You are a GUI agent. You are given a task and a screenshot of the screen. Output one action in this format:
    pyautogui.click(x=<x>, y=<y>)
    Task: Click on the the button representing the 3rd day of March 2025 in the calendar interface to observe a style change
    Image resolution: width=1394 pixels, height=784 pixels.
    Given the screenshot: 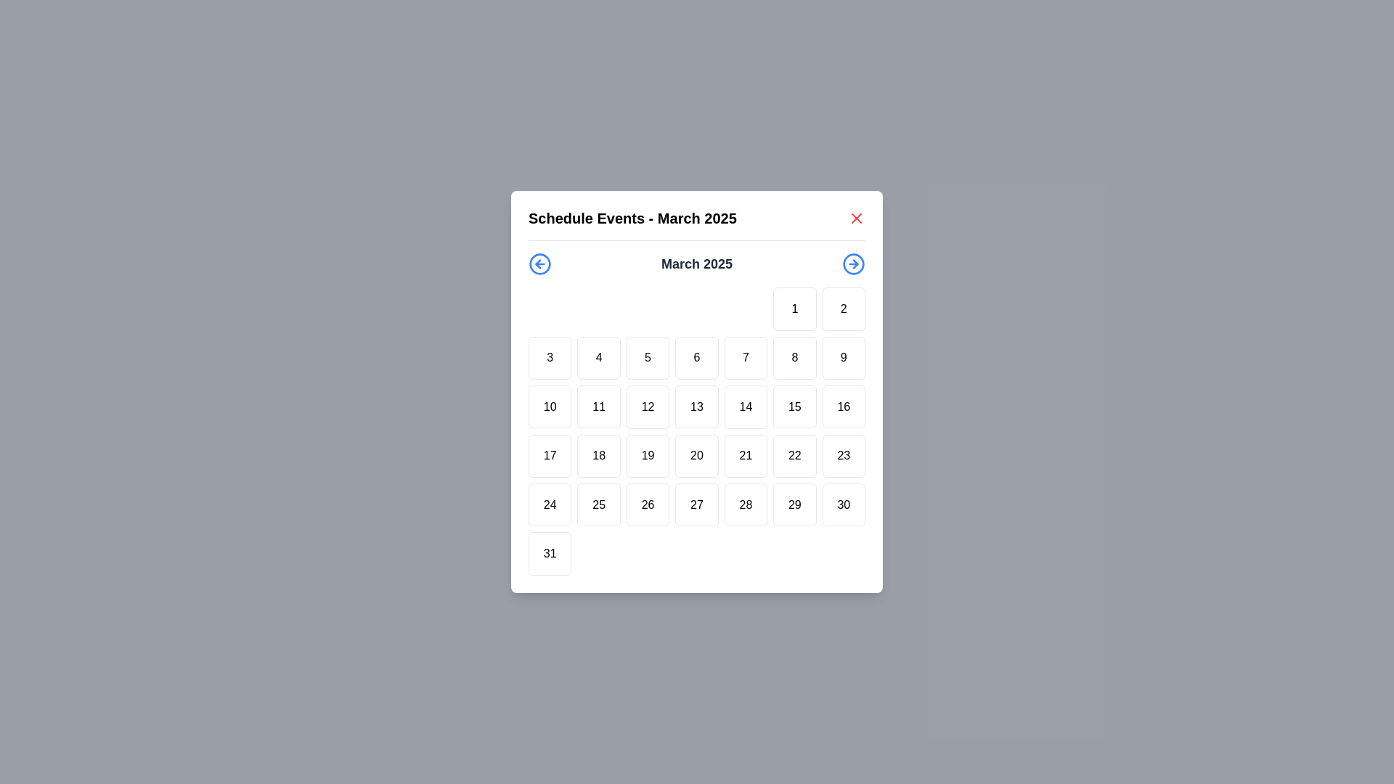 What is the action you would take?
    pyautogui.click(x=549, y=358)
    